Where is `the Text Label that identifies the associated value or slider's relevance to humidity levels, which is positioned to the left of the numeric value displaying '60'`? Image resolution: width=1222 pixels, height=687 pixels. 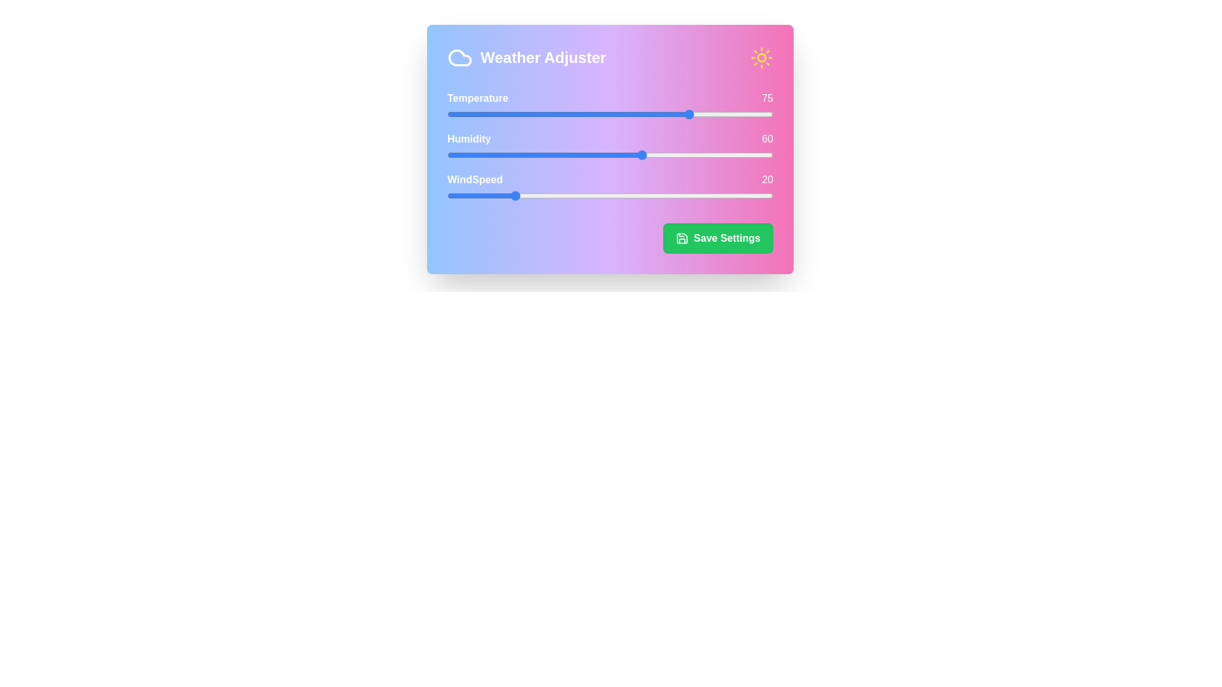 the Text Label that identifies the associated value or slider's relevance to humidity levels, which is positioned to the left of the numeric value displaying '60' is located at coordinates (468, 139).